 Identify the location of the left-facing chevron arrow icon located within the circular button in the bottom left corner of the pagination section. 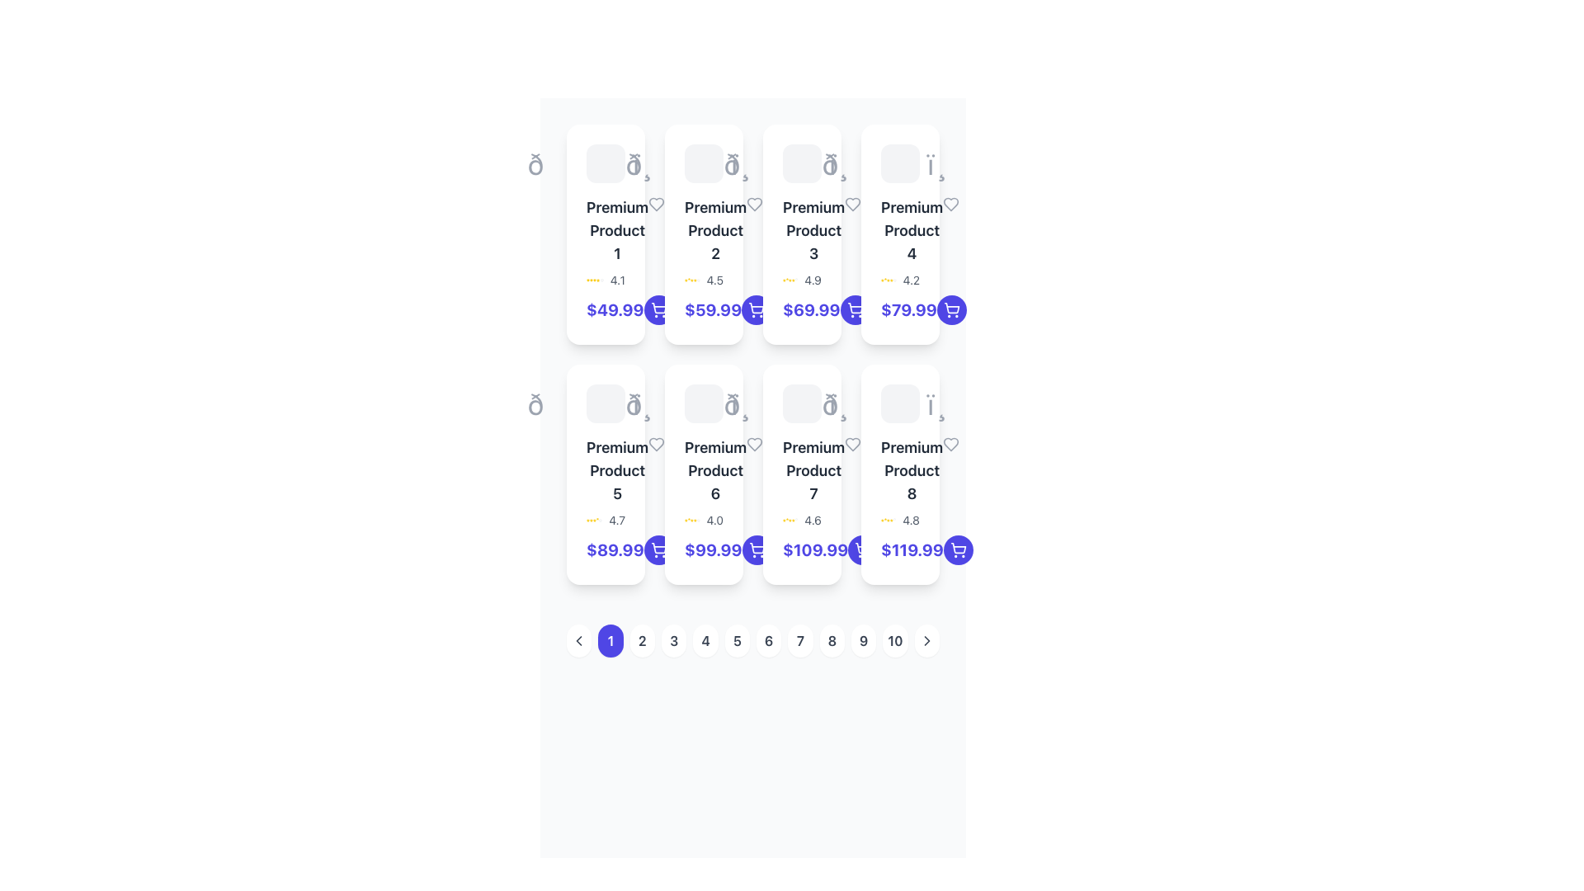
(579, 639).